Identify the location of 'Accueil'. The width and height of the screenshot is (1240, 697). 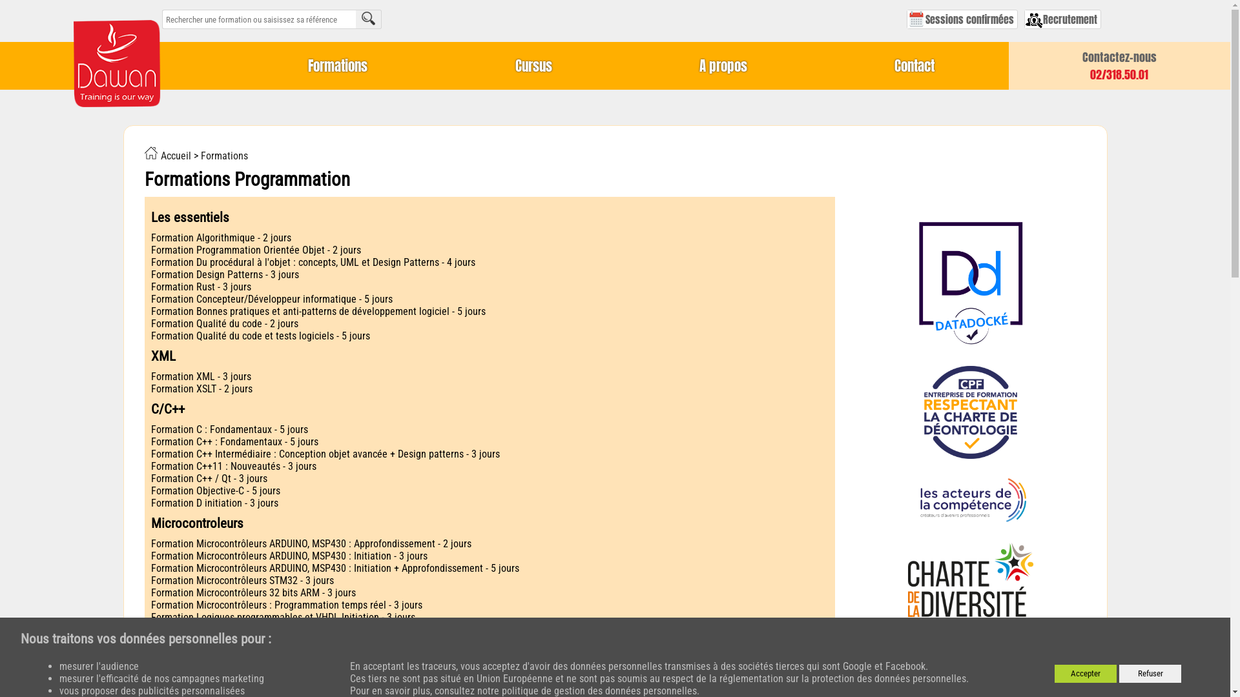
(167, 155).